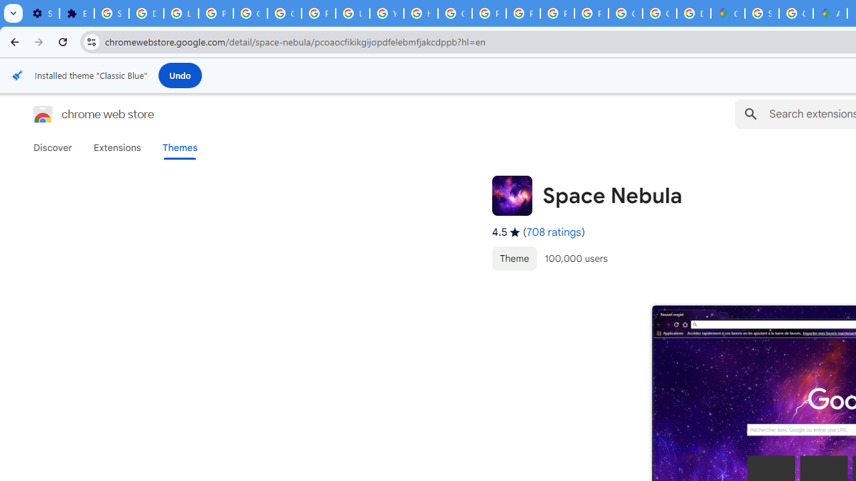 Image resolution: width=856 pixels, height=481 pixels. Describe the element at coordinates (90, 41) in the screenshot. I see `'View site information'` at that location.